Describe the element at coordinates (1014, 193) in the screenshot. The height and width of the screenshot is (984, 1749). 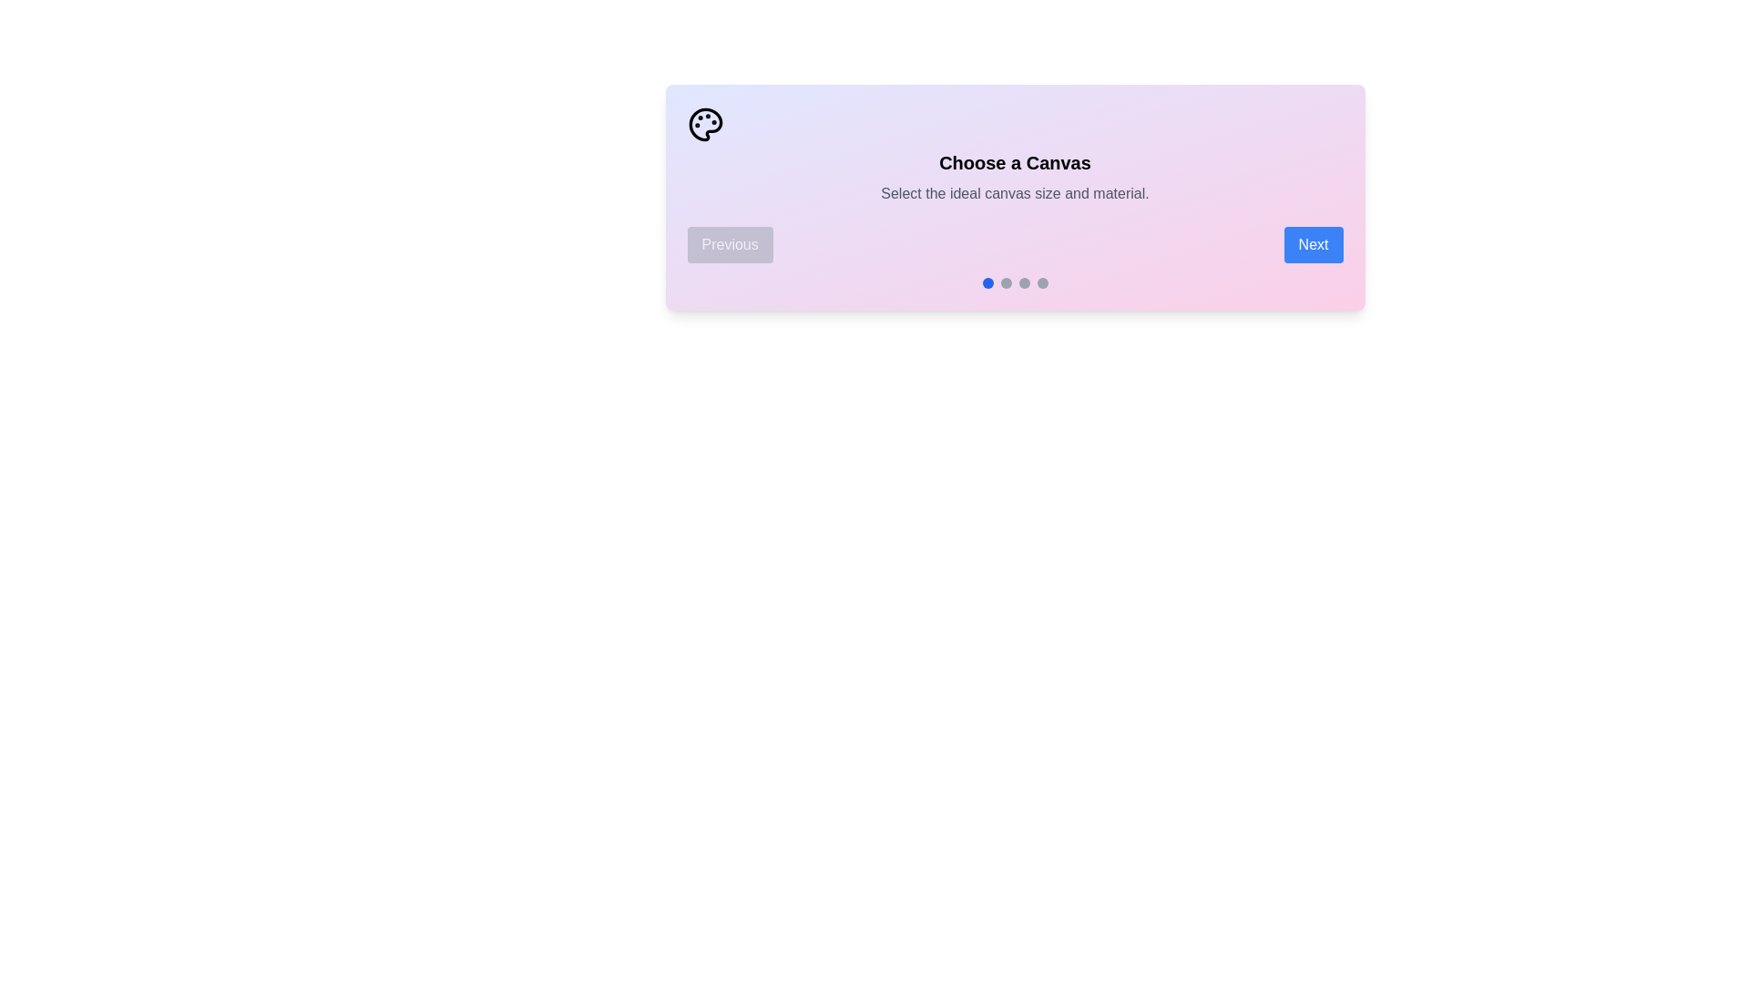
I see `the step description text to select it` at that location.